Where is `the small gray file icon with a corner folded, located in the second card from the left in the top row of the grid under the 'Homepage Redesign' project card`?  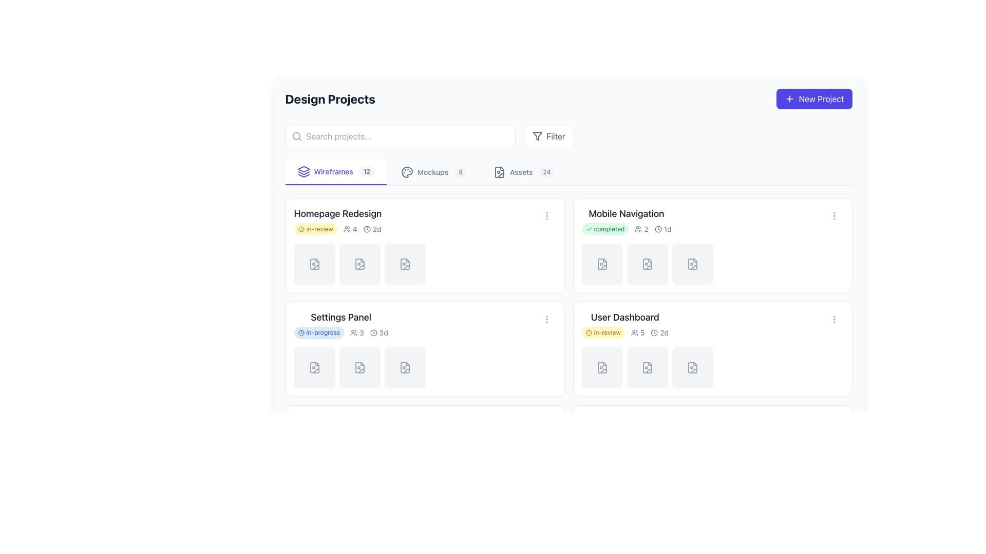 the small gray file icon with a corner folded, located in the second card from the left in the top row of the grid under the 'Homepage Redesign' project card is located at coordinates (359, 264).